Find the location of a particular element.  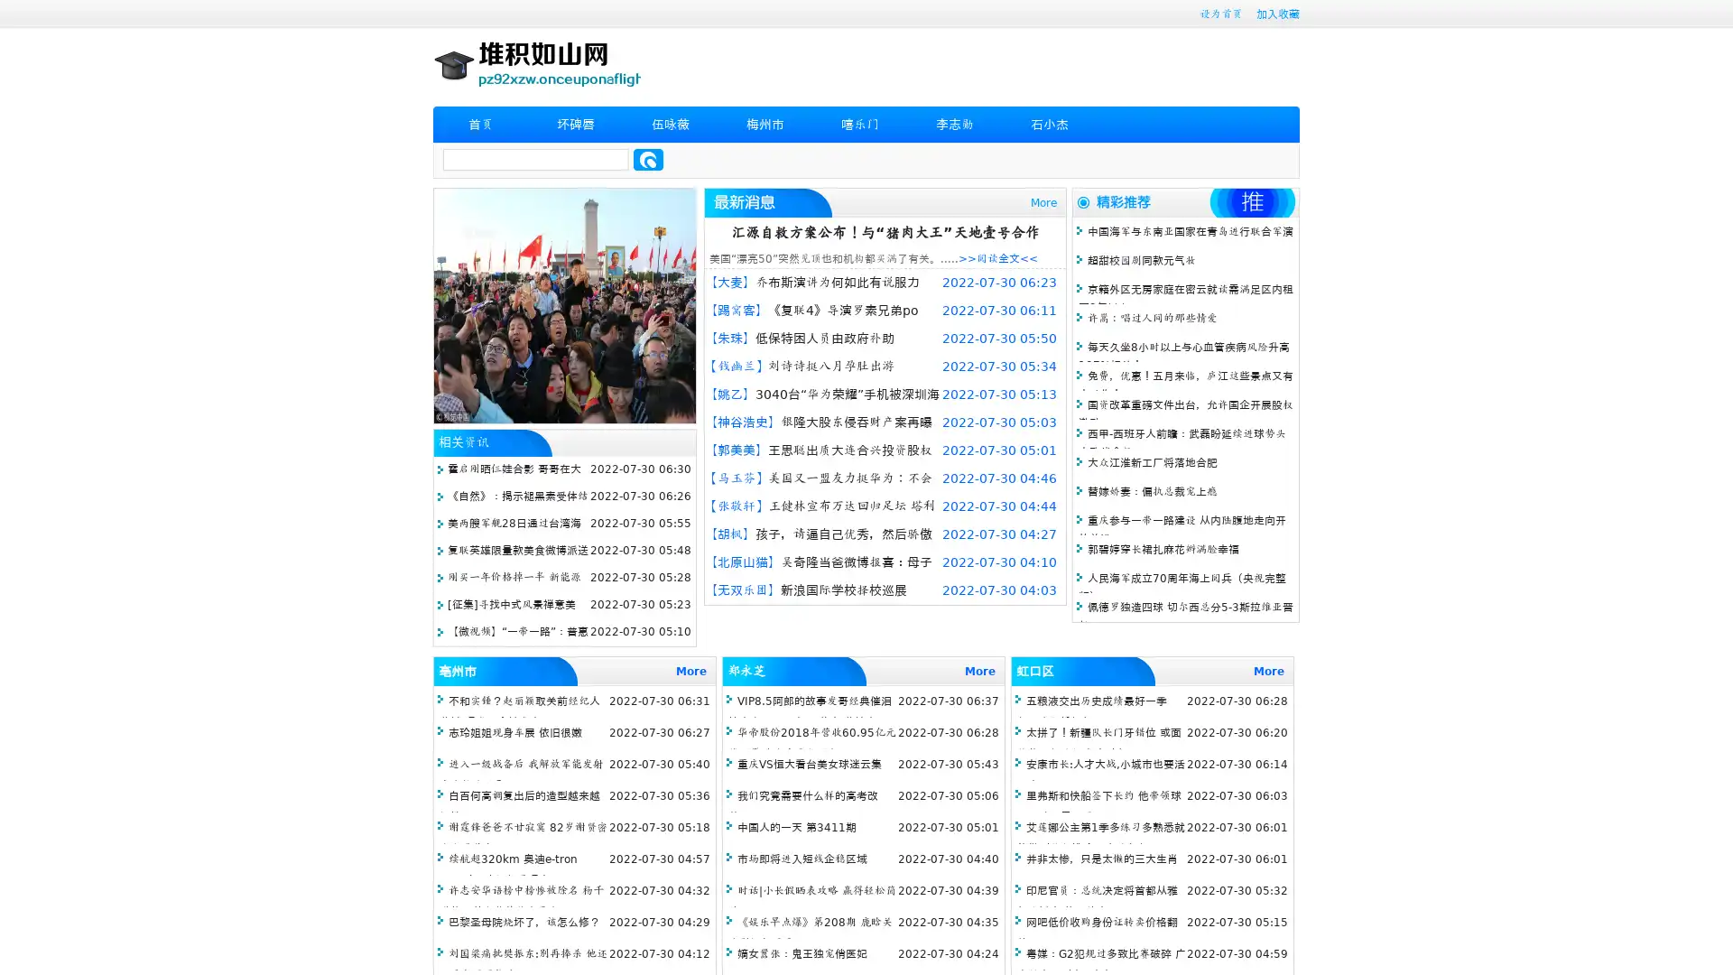

Search is located at coordinates (648, 159).